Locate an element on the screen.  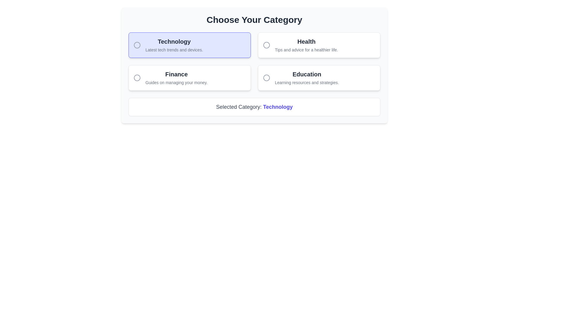
the static text label element that indicates the currently selected category, located at the bottom of the category selection panel, next to the prompt 'Selected Category' is located at coordinates (278, 106).